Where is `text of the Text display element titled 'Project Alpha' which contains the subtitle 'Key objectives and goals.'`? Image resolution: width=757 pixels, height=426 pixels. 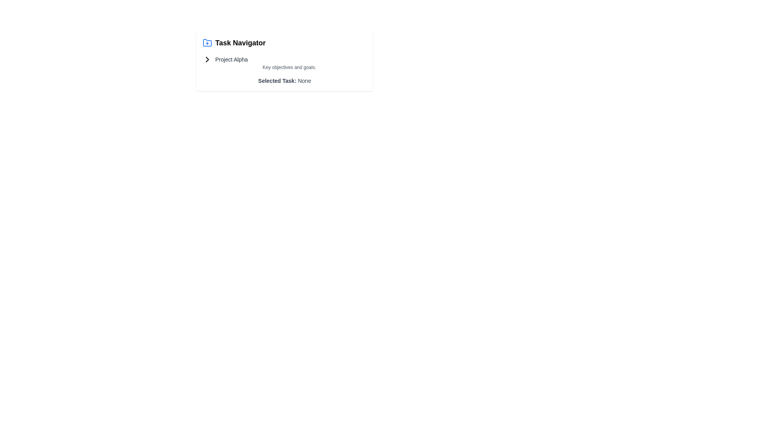
text of the Text display element titled 'Project Alpha' which contains the subtitle 'Key objectives and goals.' is located at coordinates (284, 62).